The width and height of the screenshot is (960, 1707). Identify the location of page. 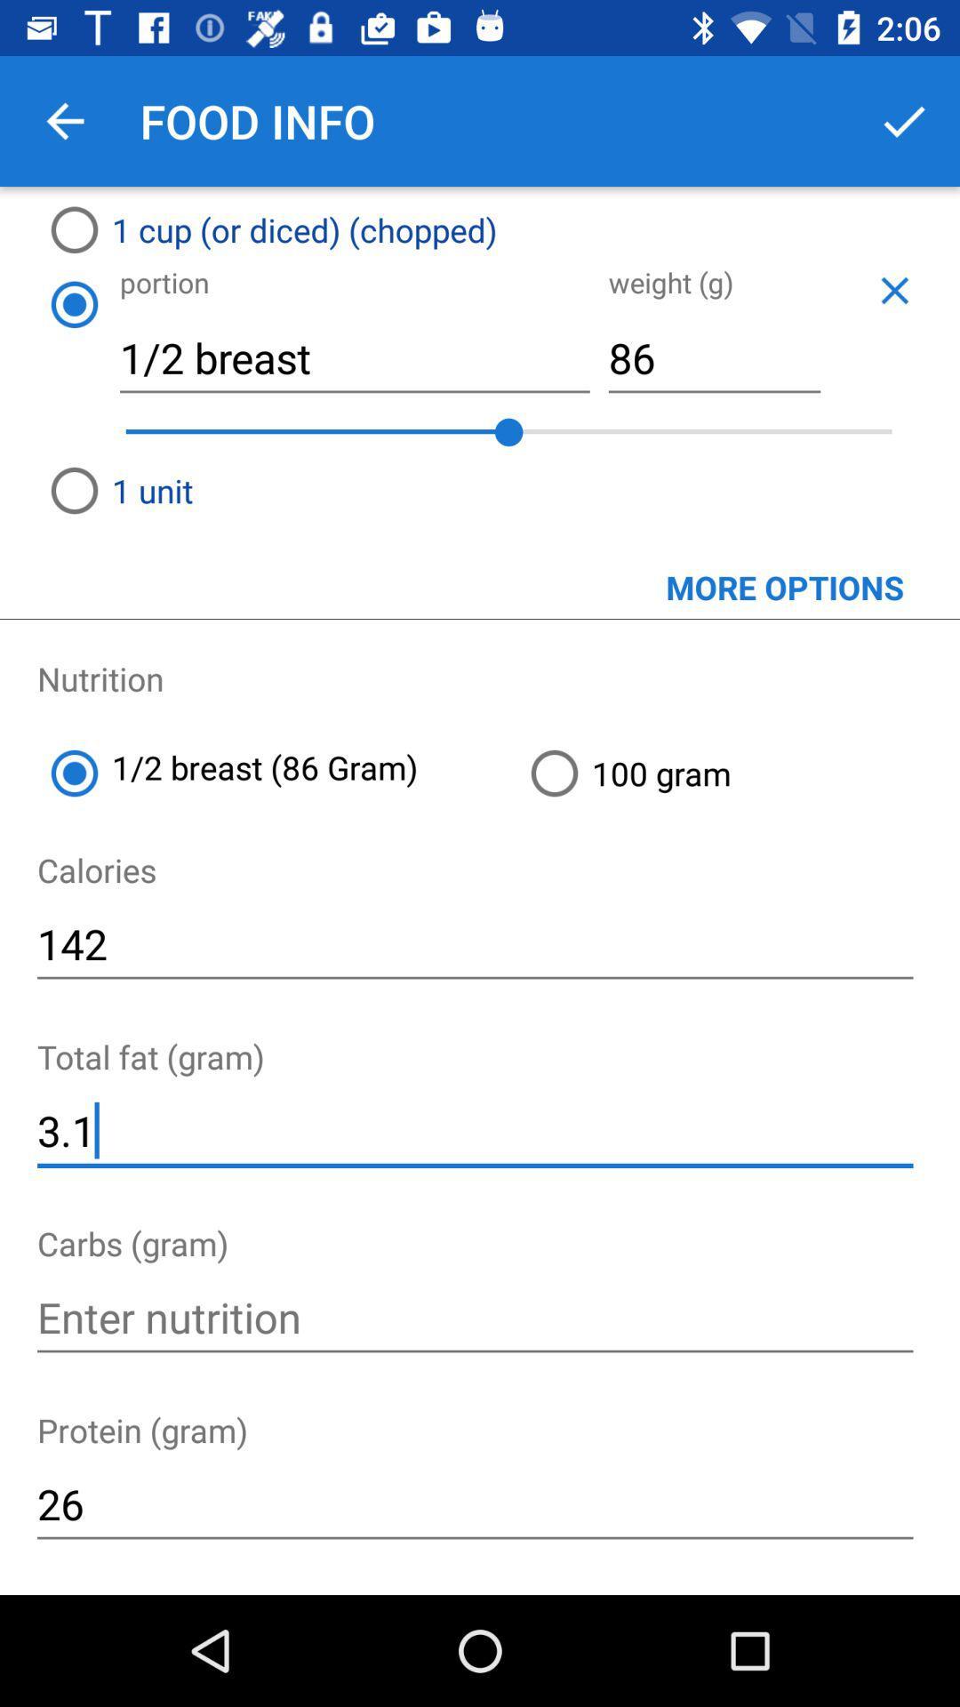
(894, 290).